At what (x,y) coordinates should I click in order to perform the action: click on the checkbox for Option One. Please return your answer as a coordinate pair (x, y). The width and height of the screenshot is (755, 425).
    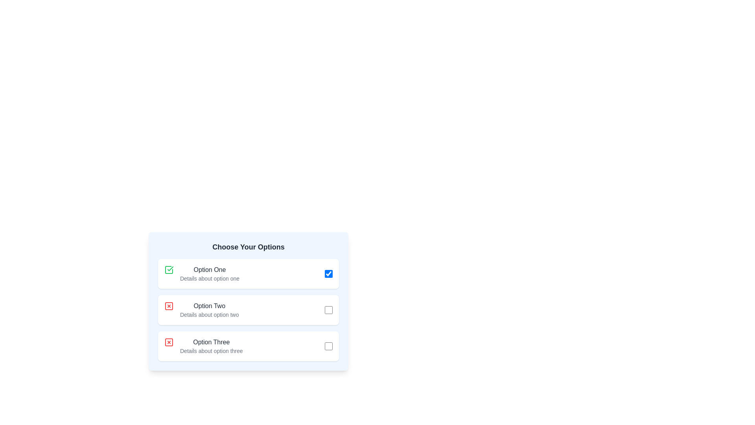
    Looking at the image, I should click on (328, 273).